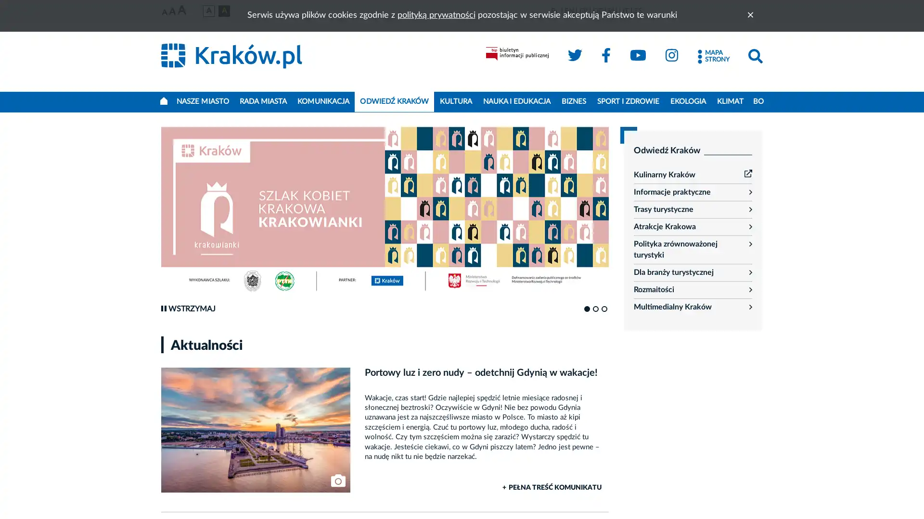  I want to click on Najmniejsza czcionka, so click(164, 12).